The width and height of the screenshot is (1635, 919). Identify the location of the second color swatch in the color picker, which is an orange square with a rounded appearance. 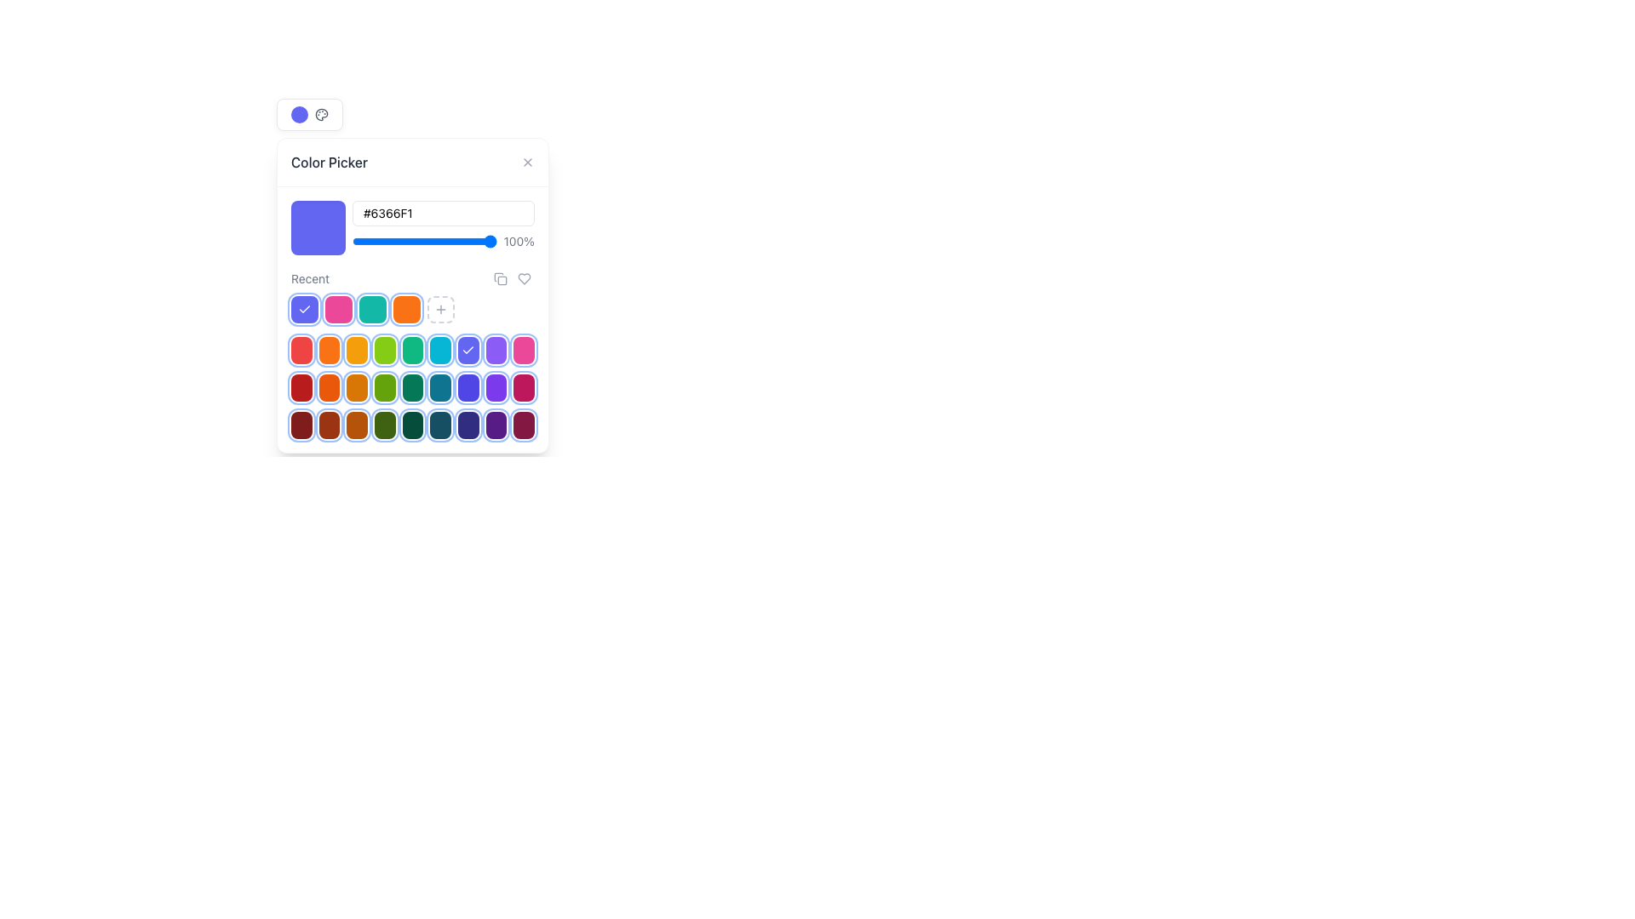
(330, 387).